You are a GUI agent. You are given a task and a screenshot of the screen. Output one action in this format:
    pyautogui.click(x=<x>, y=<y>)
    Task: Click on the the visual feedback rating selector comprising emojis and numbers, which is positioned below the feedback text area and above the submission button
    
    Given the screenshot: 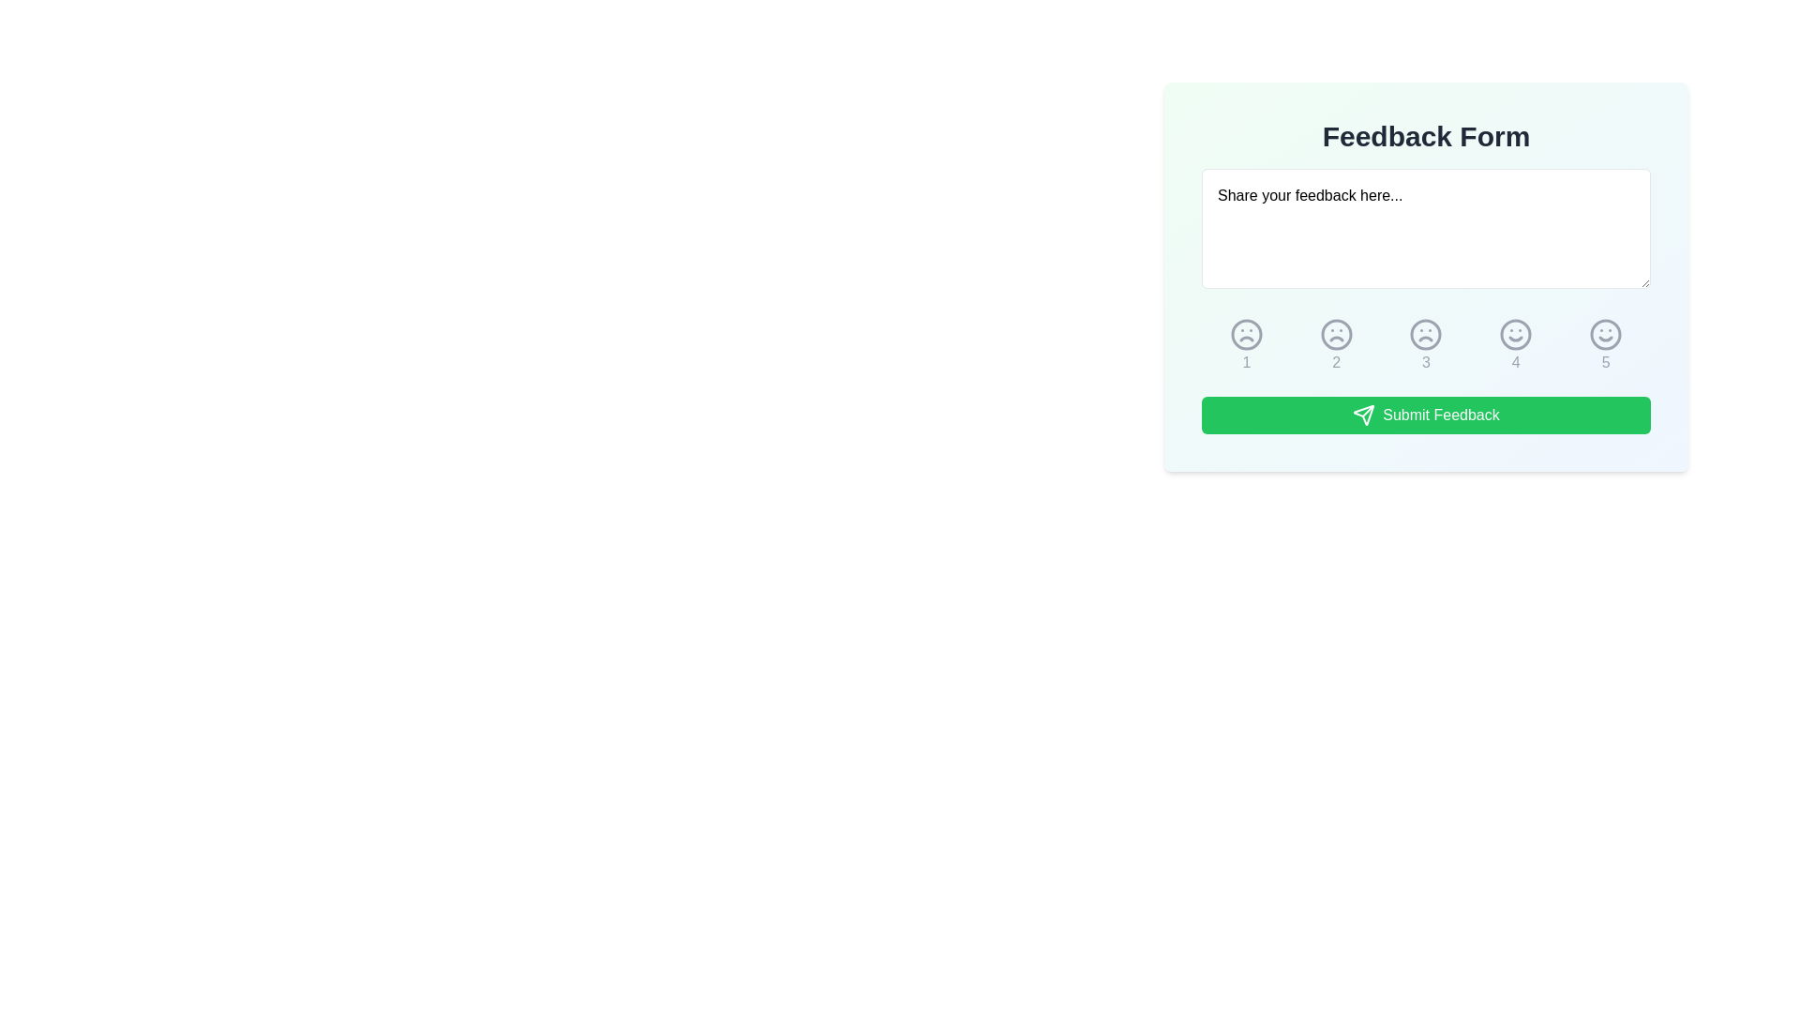 What is the action you would take?
    pyautogui.click(x=1425, y=346)
    